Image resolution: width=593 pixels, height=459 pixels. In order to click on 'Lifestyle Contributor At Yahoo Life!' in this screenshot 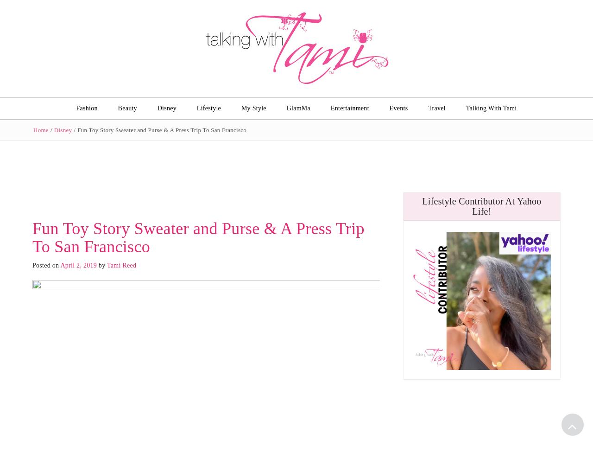, I will do `click(481, 205)`.